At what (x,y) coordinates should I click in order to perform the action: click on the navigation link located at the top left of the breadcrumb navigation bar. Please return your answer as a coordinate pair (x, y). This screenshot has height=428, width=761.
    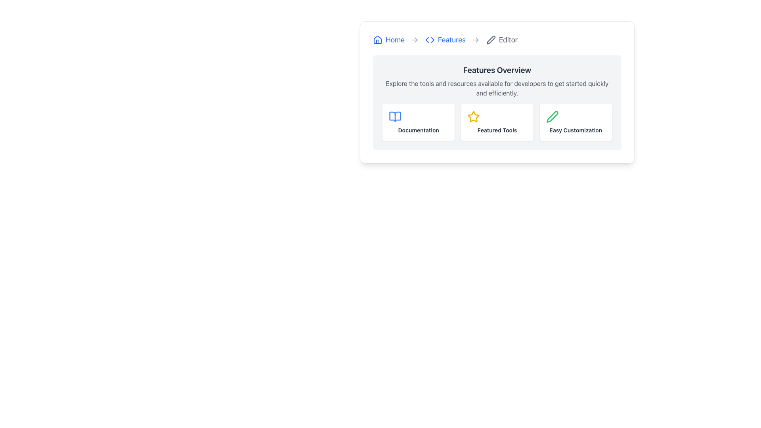
    Looking at the image, I should click on (388, 40).